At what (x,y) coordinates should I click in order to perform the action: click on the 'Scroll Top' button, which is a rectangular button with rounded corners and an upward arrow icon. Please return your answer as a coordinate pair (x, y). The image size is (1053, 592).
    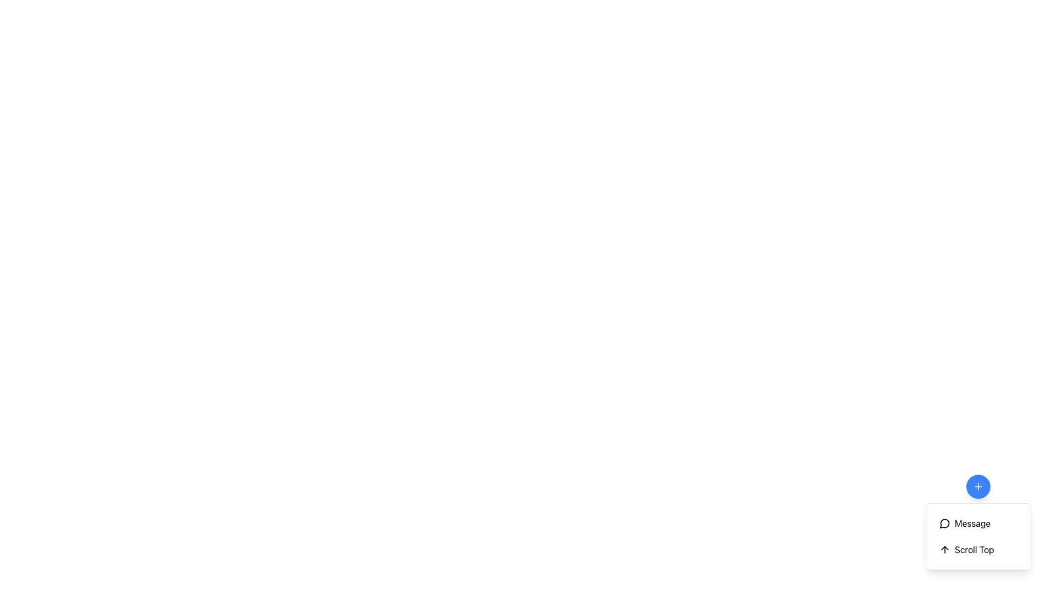
    Looking at the image, I should click on (978, 549).